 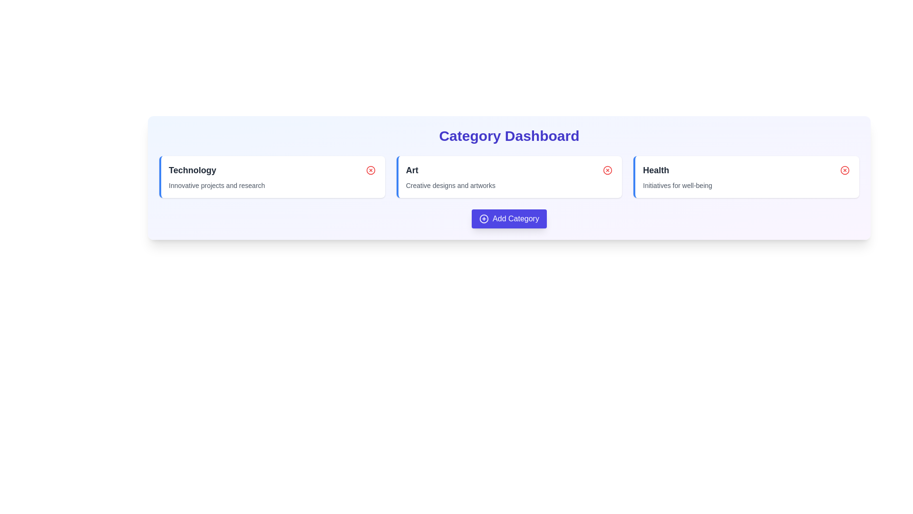 What do you see at coordinates (655, 170) in the screenshot?
I see `the 'Health' text label, which is styled in bold and larger font size, located within the rightmost card of the health-related information section` at bounding box center [655, 170].